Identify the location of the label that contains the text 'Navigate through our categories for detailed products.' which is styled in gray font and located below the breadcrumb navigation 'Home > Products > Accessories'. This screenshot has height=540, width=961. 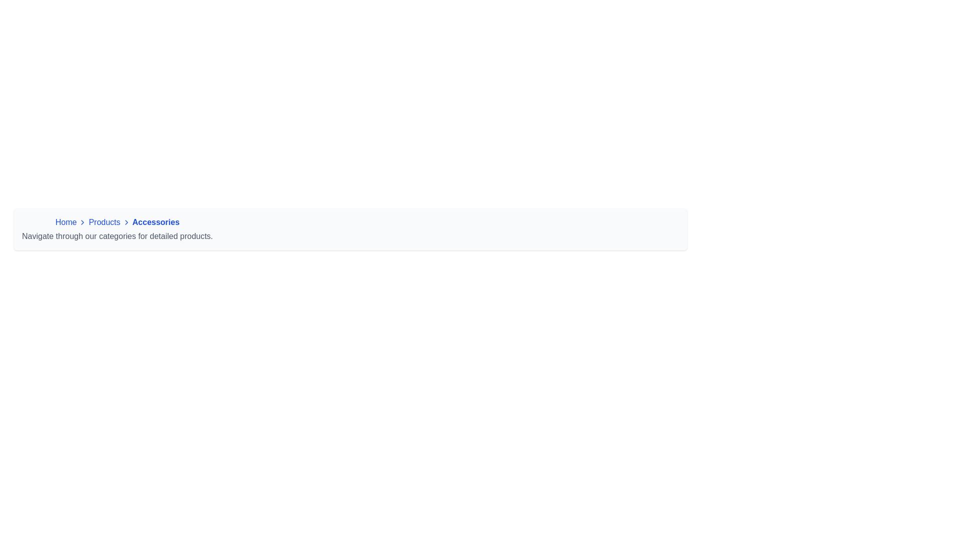
(117, 236).